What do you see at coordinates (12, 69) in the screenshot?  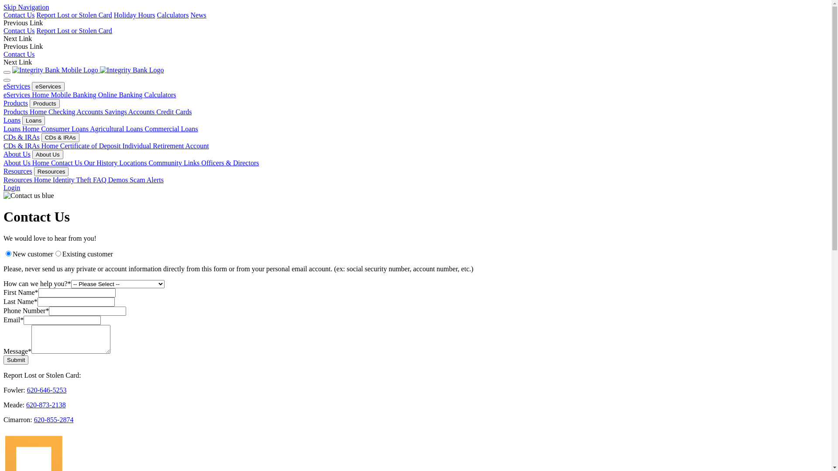 I see `'Home'` at bounding box center [12, 69].